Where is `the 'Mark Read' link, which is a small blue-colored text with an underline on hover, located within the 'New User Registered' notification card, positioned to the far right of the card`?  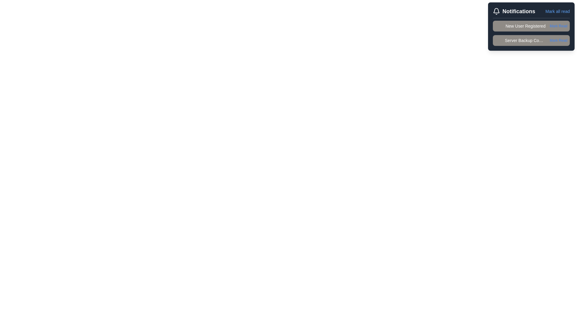
the 'Mark Read' link, which is a small blue-colored text with an underline on hover, located within the 'New User Registered' notification card, positioned to the far right of the card is located at coordinates (558, 26).